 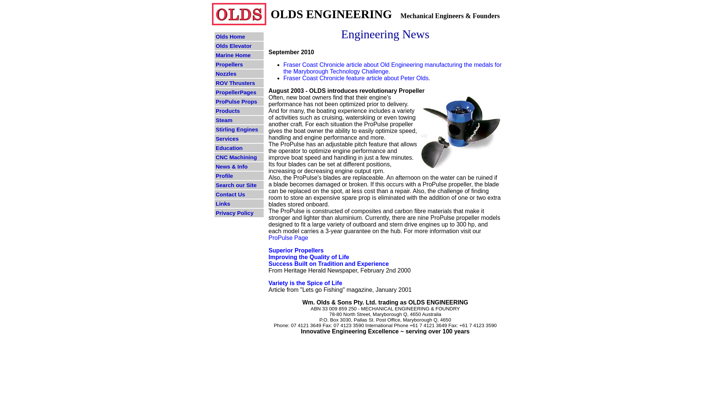 What do you see at coordinates (288, 238) in the screenshot?
I see `'ProPulse Page'` at bounding box center [288, 238].